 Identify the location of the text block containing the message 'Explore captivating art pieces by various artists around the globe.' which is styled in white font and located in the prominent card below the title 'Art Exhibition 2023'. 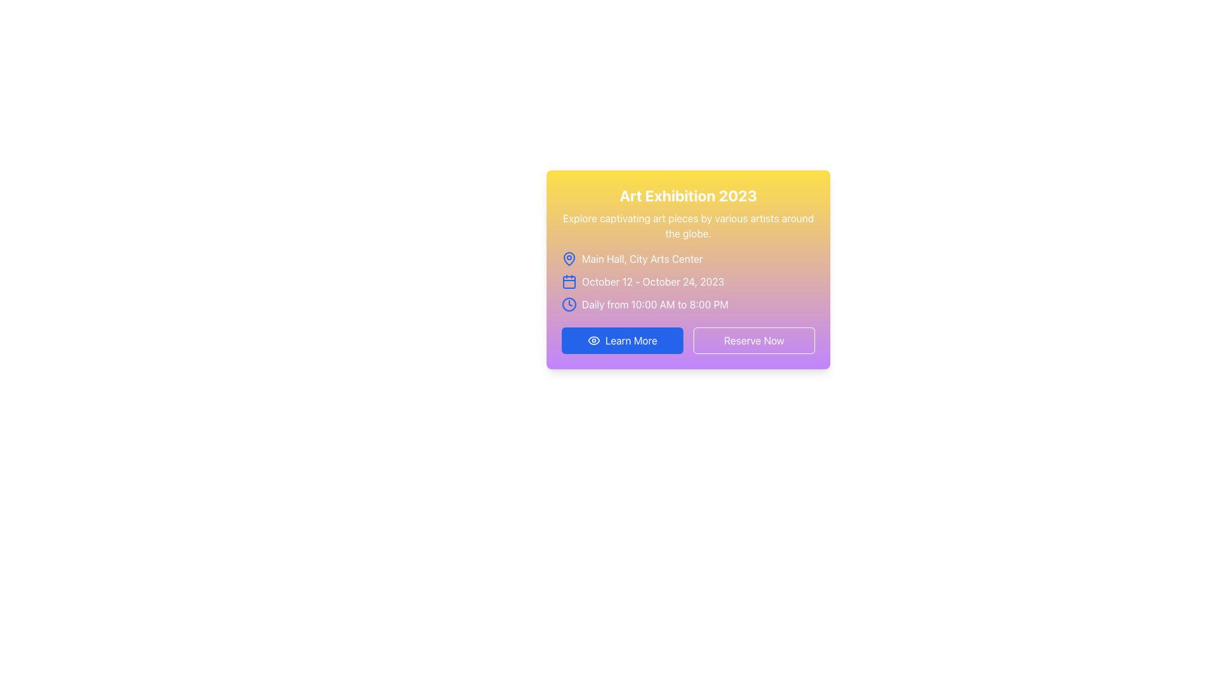
(687, 225).